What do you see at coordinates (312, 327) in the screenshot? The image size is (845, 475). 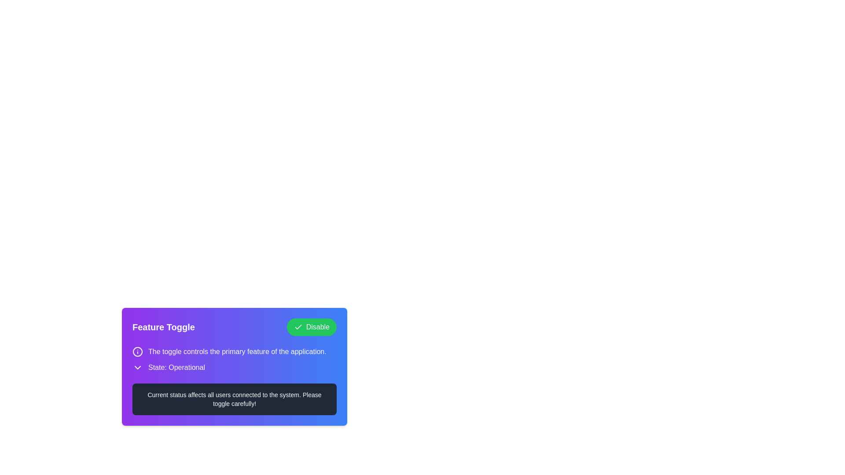 I see `the green button with rounded corners labeled 'Disable'` at bounding box center [312, 327].